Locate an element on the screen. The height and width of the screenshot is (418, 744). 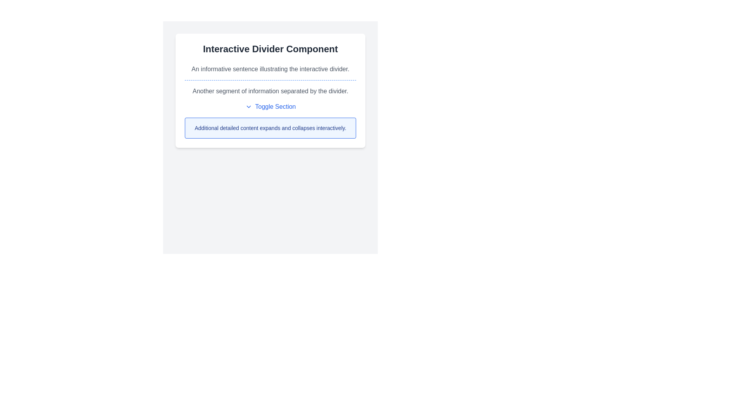
the visual divider located within the white card interface, positioned centrally between two paragraphs of text is located at coordinates (270, 80).